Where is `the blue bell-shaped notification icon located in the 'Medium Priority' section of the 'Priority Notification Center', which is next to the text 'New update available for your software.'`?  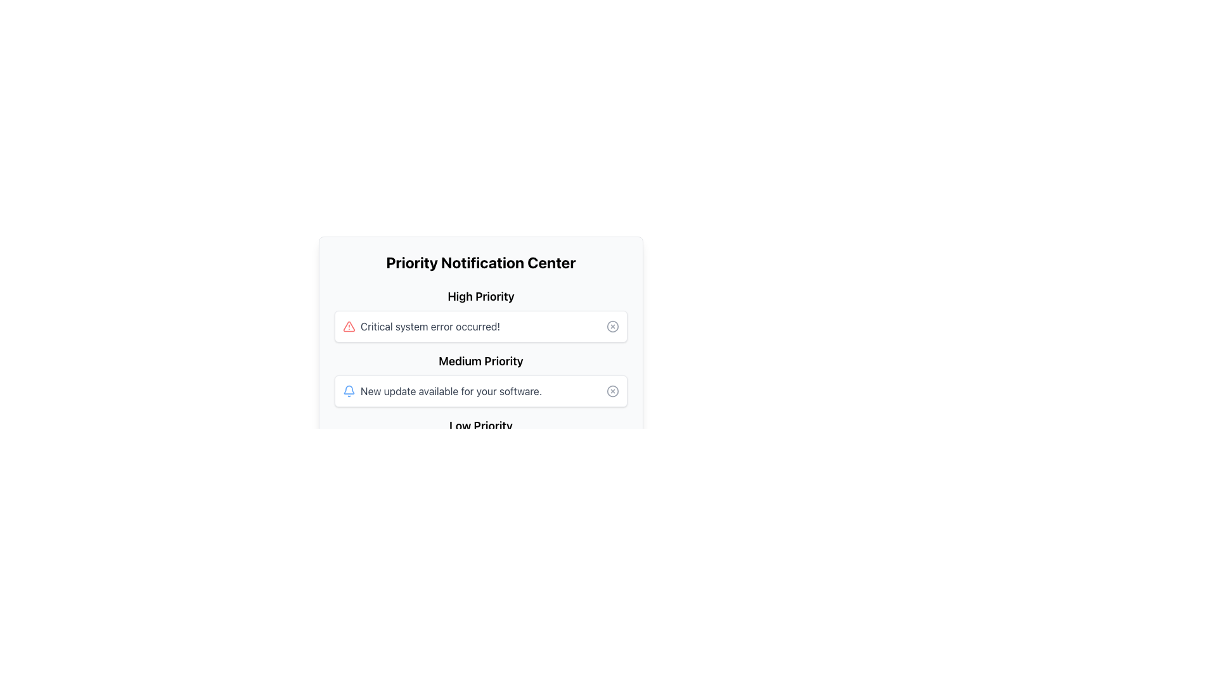
the blue bell-shaped notification icon located in the 'Medium Priority' section of the 'Priority Notification Center', which is next to the text 'New update available for your software.' is located at coordinates (349, 391).